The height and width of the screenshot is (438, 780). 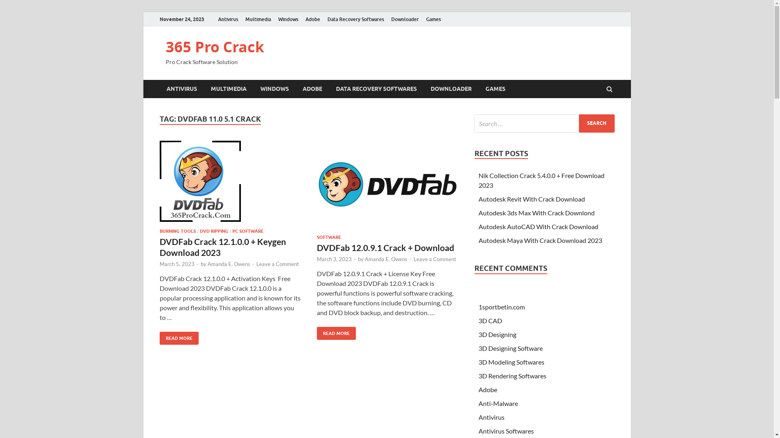 I want to click on '3D Rendering Softwares', so click(x=512, y=376).